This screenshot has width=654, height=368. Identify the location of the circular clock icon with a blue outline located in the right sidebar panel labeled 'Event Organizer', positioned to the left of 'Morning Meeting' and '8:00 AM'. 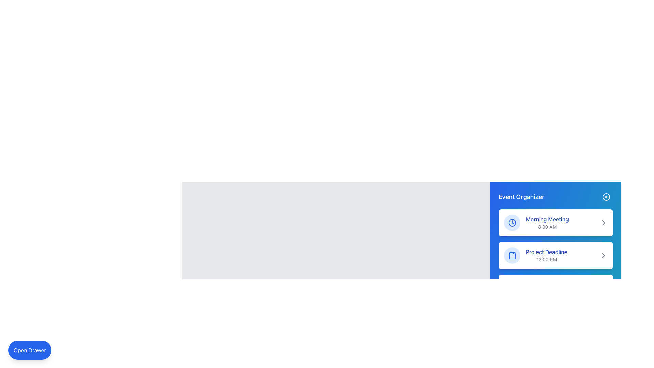
(512, 223).